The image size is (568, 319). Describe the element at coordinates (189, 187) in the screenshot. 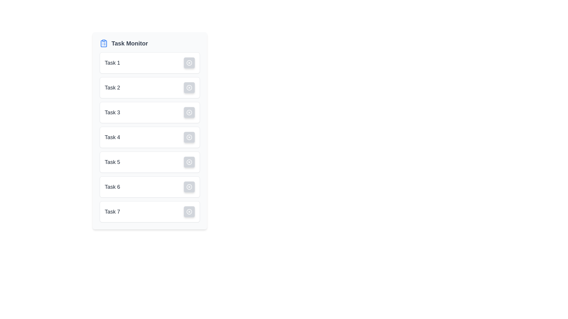

I see `the circular close icon with a cross inside, which is centered within the button for 'Task 6' in the vertical task list` at that location.